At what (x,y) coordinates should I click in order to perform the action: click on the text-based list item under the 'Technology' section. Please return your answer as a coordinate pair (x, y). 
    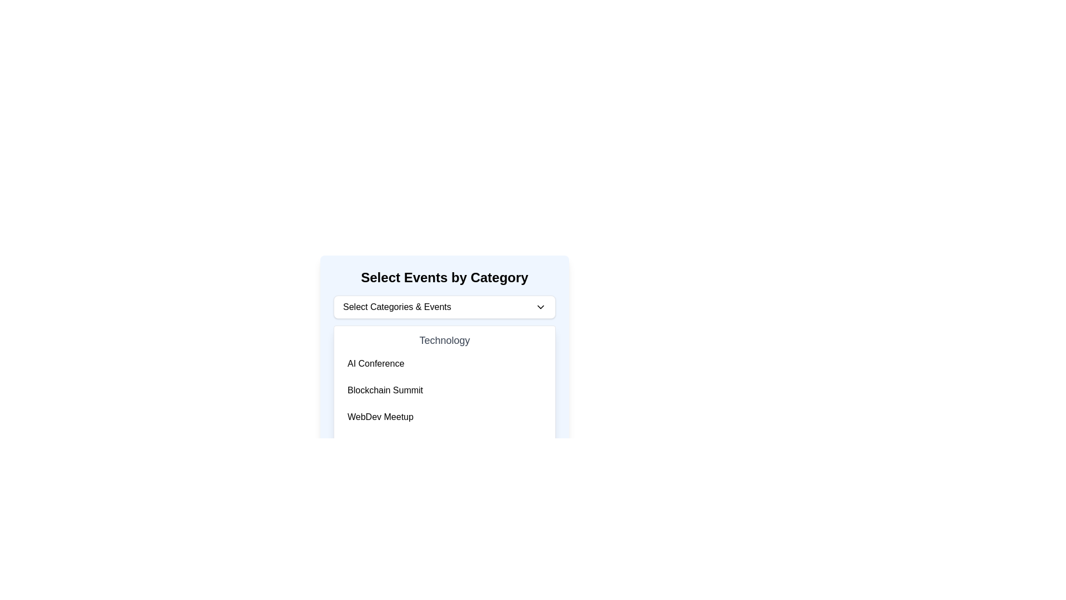
    Looking at the image, I should click on (376, 364).